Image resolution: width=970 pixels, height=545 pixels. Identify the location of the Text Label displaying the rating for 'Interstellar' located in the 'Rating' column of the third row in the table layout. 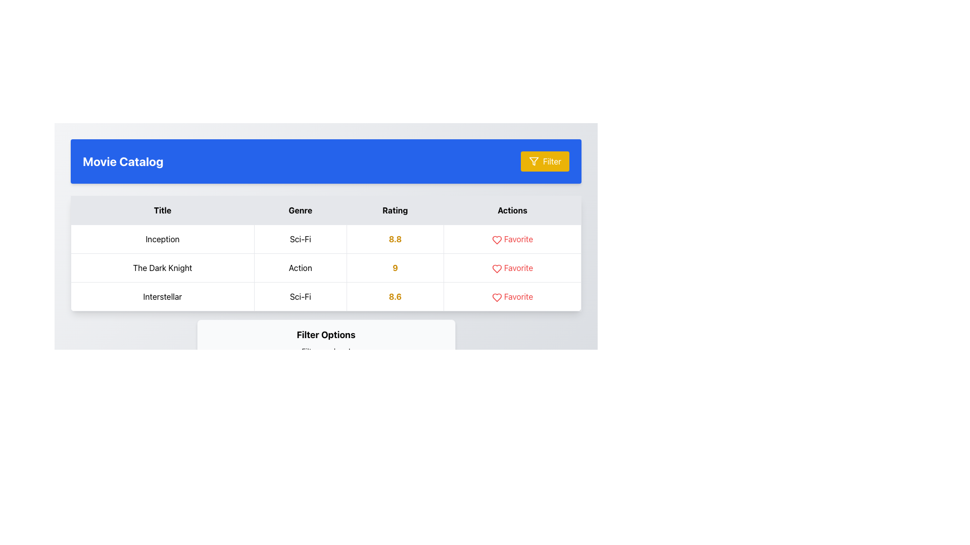
(395, 296).